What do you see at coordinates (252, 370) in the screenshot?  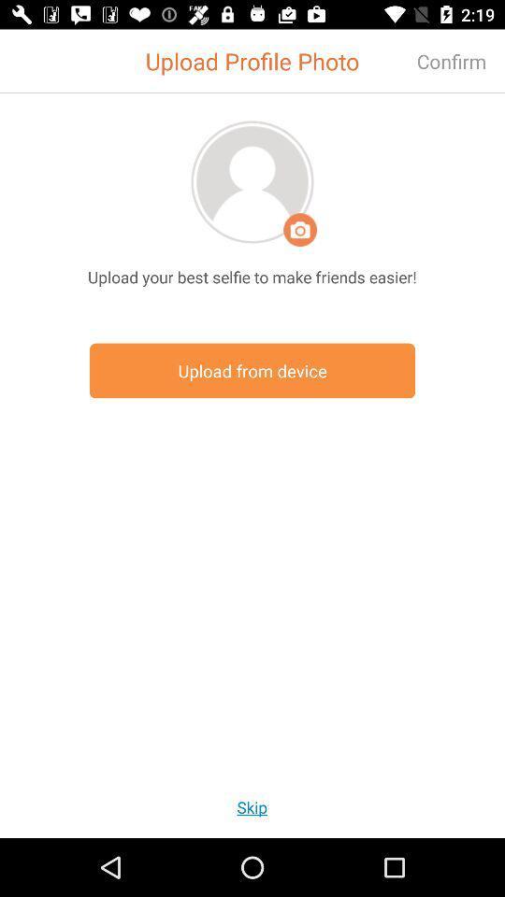 I see `item above skip item` at bounding box center [252, 370].